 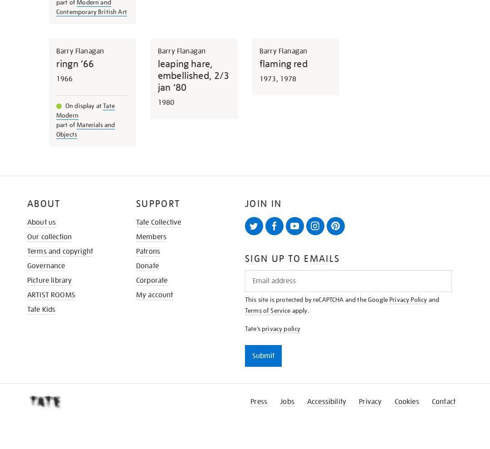 What do you see at coordinates (341, 238) in the screenshot?
I see `'Pinterest'` at bounding box center [341, 238].